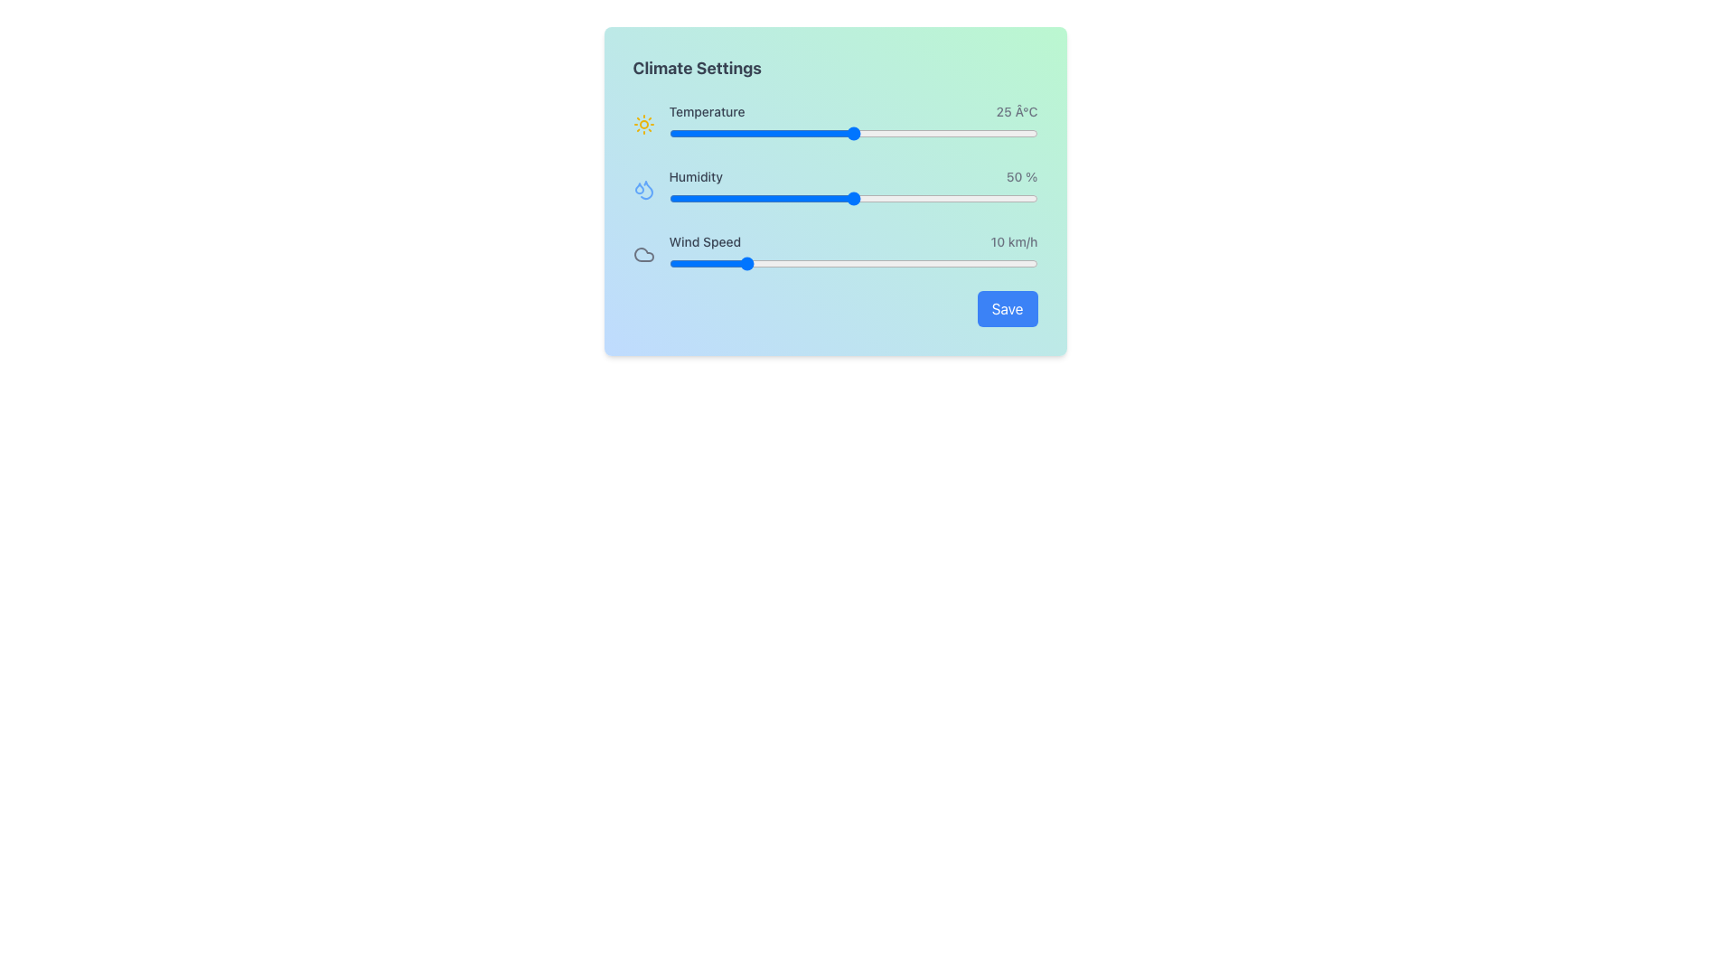 The width and height of the screenshot is (1735, 976). Describe the element at coordinates (927, 264) in the screenshot. I see `wind speed` at that location.